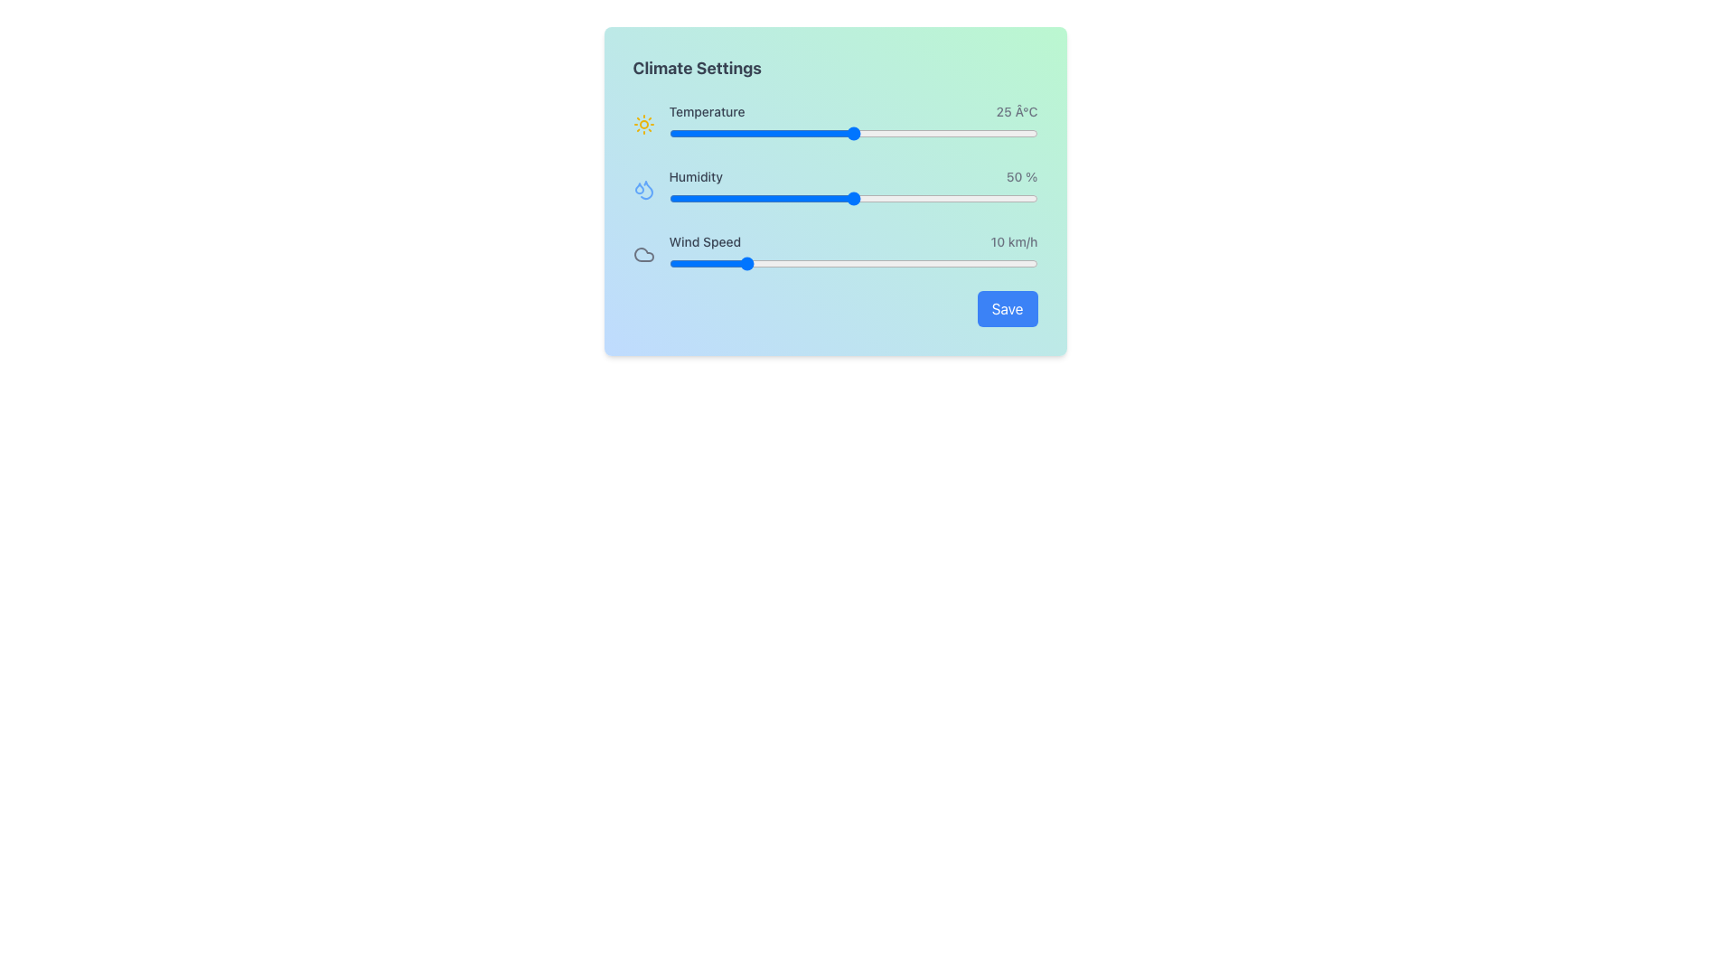 The width and height of the screenshot is (1735, 976). Describe the element at coordinates (927, 264) in the screenshot. I see `wind speed` at that location.